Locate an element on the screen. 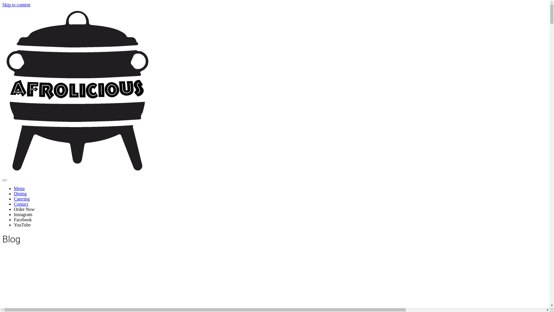 The height and width of the screenshot is (312, 554). 'Menu' is located at coordinates (19, 188).